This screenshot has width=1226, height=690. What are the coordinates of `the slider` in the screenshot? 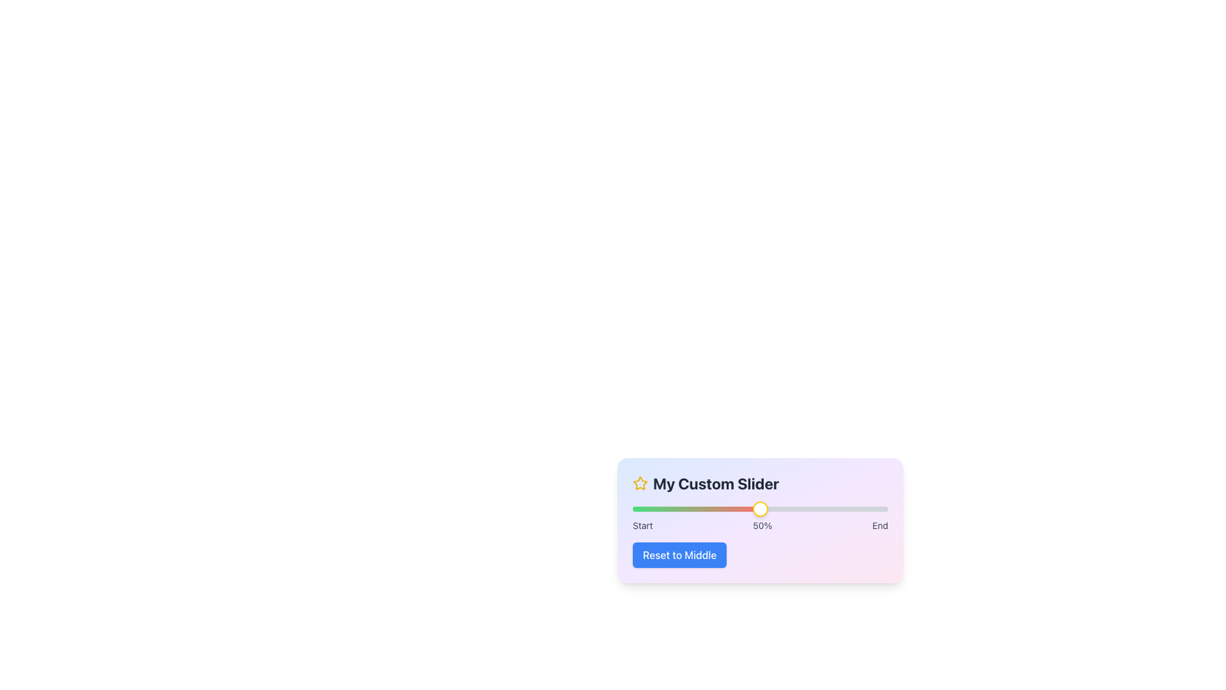 It's located at (789, 509).